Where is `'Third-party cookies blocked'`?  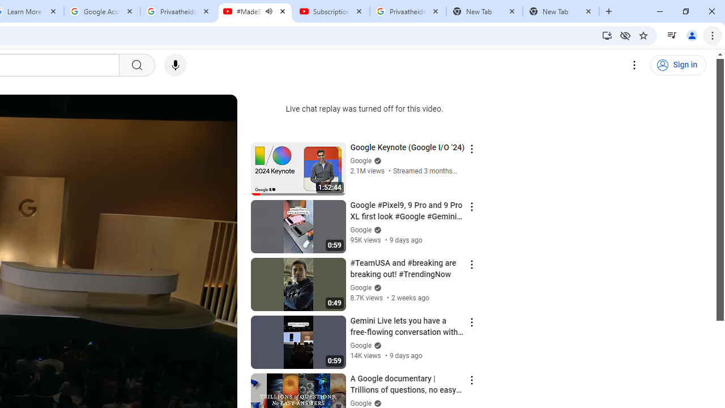
'Third-party cookies blocked' is located at coordinates (625, 35).